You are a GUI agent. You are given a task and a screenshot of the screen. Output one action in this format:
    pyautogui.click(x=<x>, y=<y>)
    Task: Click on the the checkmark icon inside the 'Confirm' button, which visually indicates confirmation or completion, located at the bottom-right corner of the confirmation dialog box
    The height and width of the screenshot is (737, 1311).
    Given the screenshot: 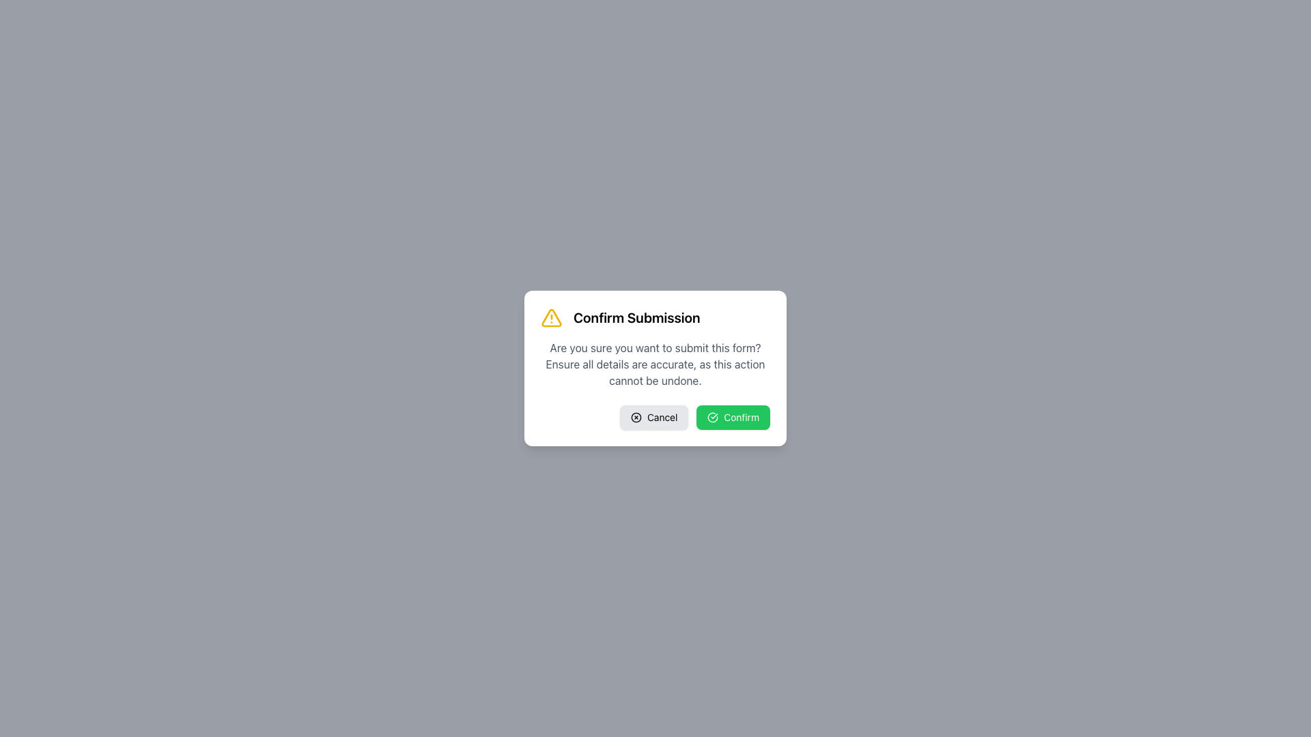 What is the action you would take?
    pyautogui.click(x=712, y=417)
    